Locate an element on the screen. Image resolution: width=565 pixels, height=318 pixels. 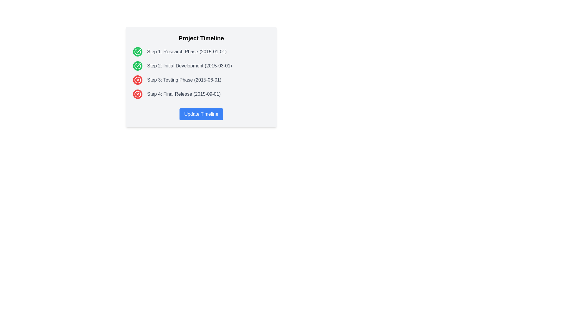
the visual state of the first circular checkmark icon located in the 'Project Timeline' section, positioned to the left of 'Step 1: Research Phase (2015-01-01).' is located at coordinates (137, 52).